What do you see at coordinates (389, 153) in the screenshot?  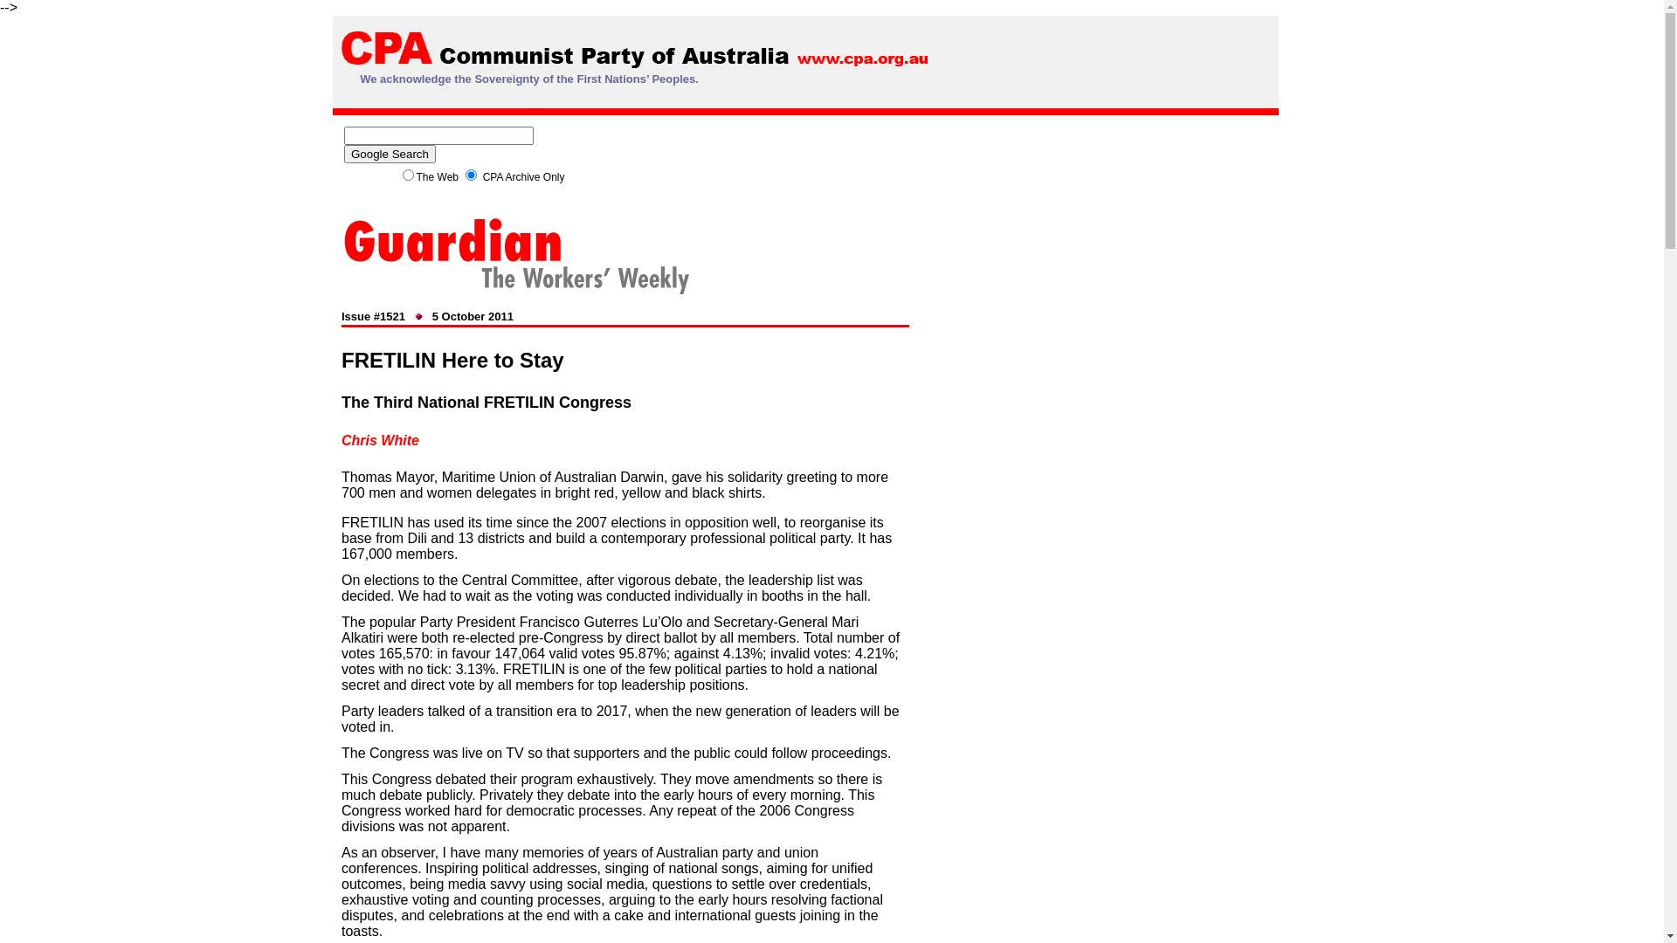 I see `'Google Search'` at bounding box center [389, 153].